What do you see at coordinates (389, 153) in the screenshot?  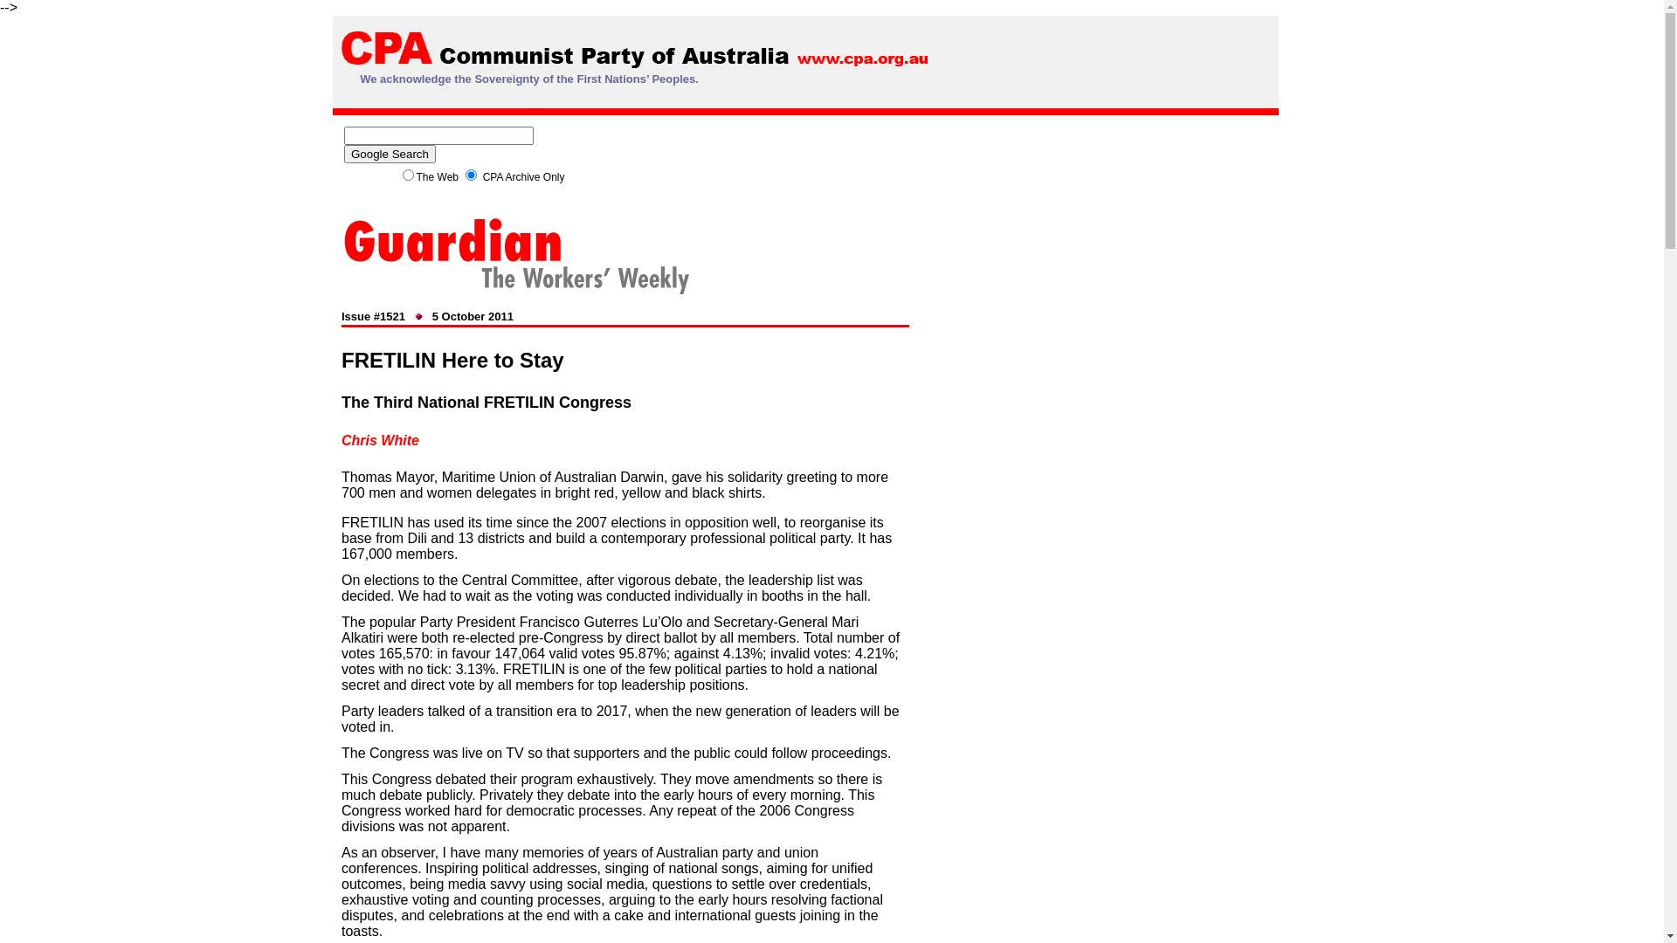 I see `'Google Search'` at bounding box center [389, 153].